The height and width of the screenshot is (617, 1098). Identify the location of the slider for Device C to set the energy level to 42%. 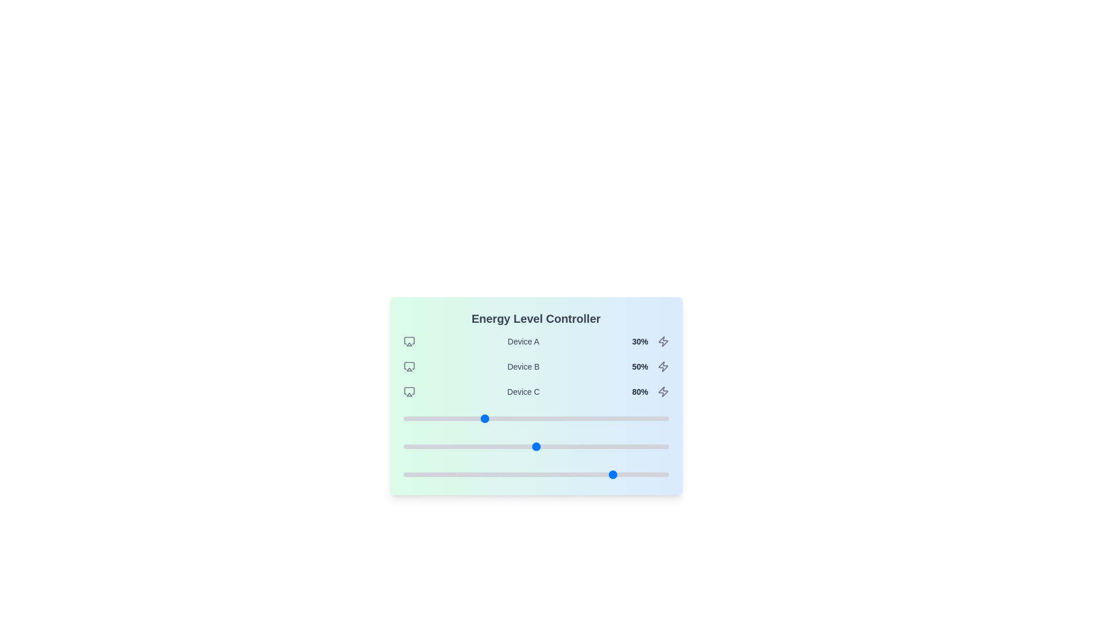
(514, 474).